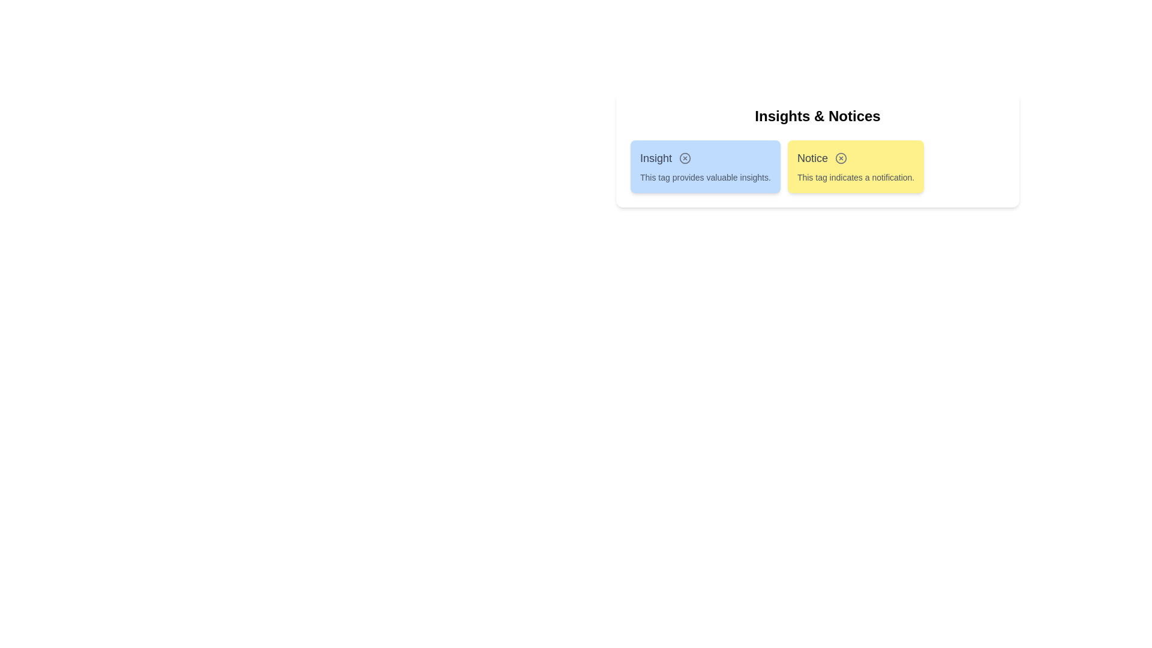 The width and height of the screenshot is (1152, 648). Describe the element at coordinates (840, 157) in the screenshot. I see `close button on the tag labeled Notice to remove it` at that location.